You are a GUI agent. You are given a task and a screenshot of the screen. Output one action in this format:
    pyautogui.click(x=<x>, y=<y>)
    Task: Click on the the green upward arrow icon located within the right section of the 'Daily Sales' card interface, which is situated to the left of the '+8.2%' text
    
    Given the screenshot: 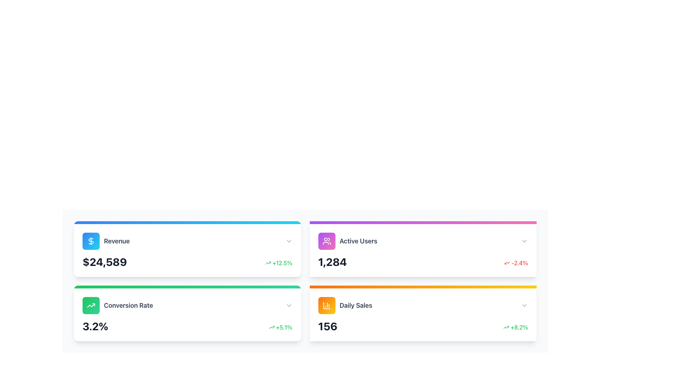 What is the action you would take?
    pyautogui.click(x=506, y=327)
    